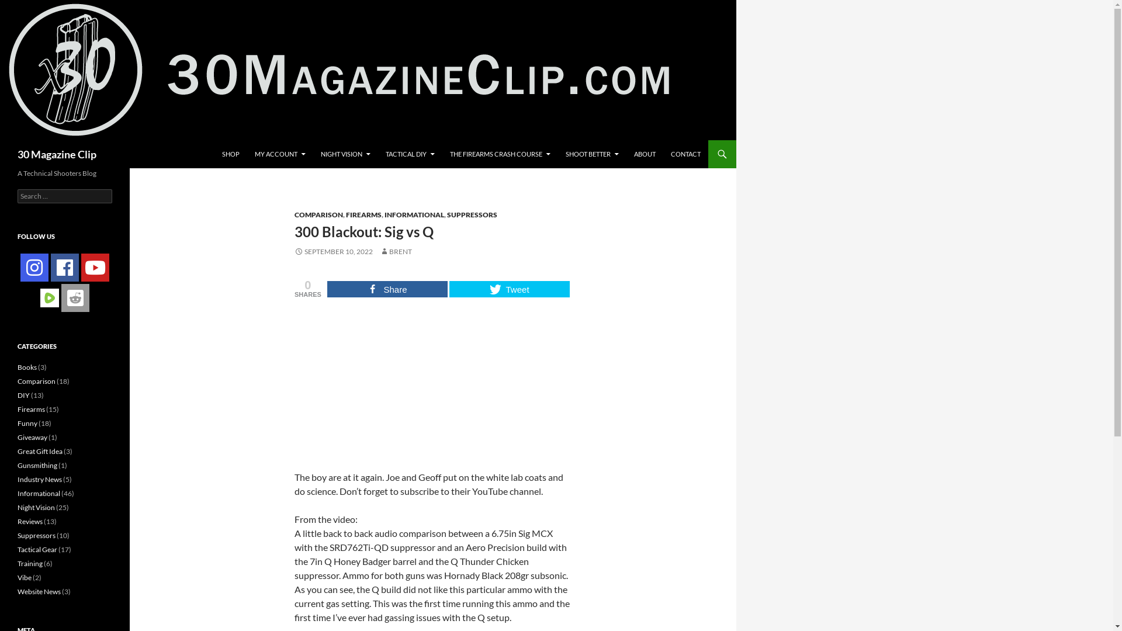 The height and width of the screenshot is (631, 1122). I want to click on 'ABOUT', so click(644, 153).